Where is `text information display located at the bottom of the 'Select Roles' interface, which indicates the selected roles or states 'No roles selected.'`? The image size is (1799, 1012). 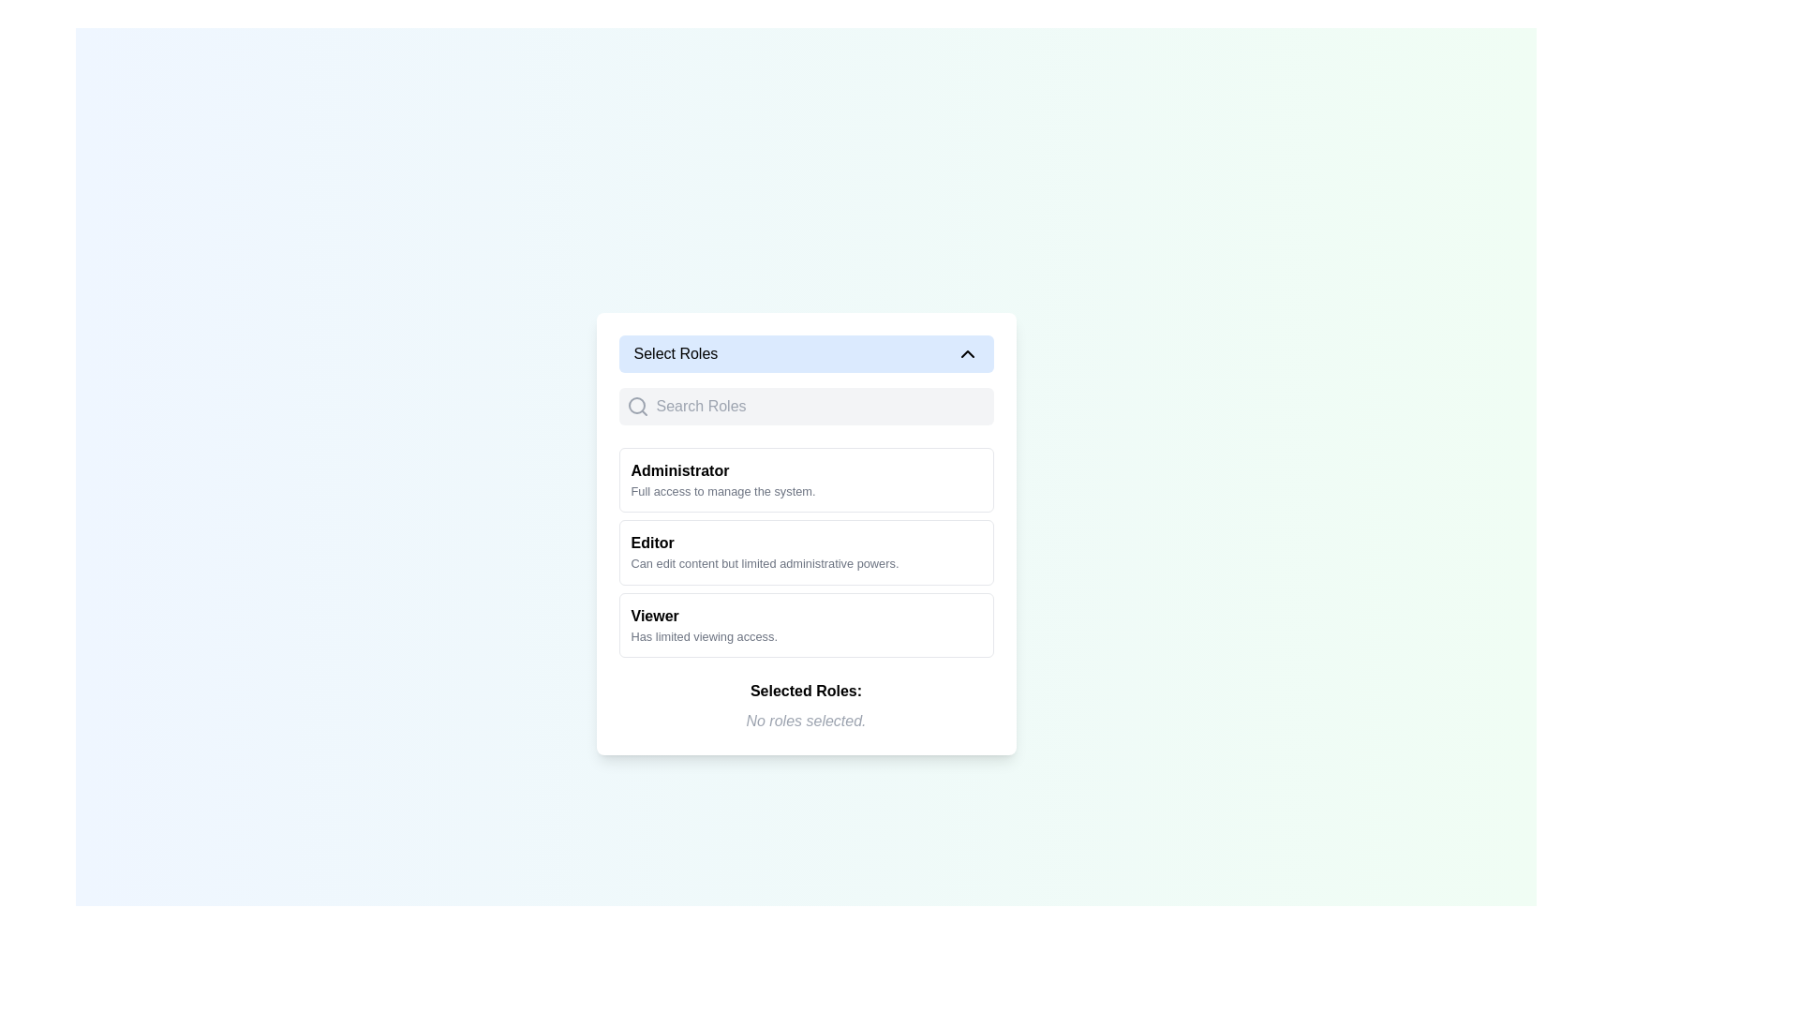
text information display located at the bottom of the 'Select Roles' interface, which indicates the selected roles or states 'No roles selected.' is located at coordinates (806, 706).